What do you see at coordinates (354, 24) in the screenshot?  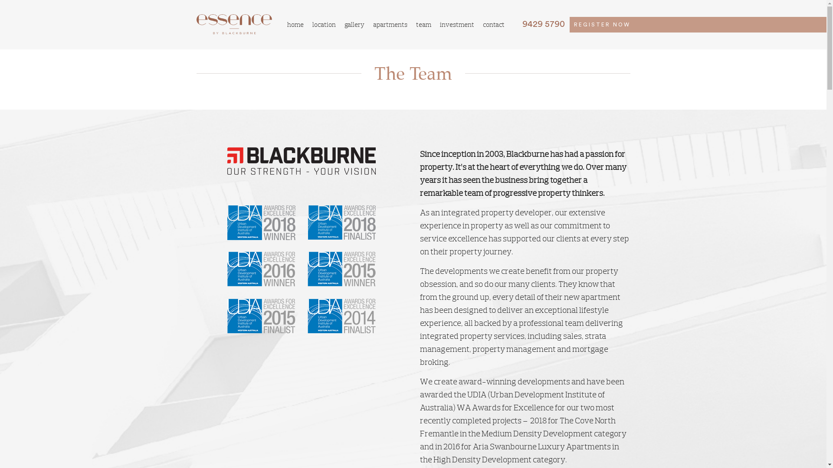 I see `'gallery'` at bounding box center [354, 24].